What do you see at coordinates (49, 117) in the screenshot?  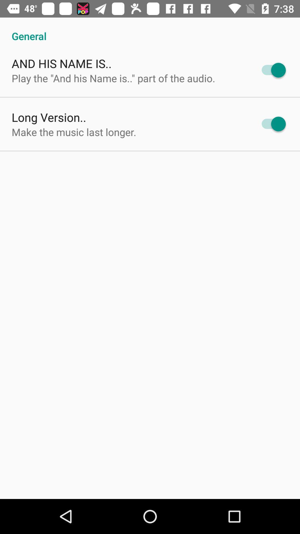 I see `the item below the play the and` at bounding box center [49, 117].